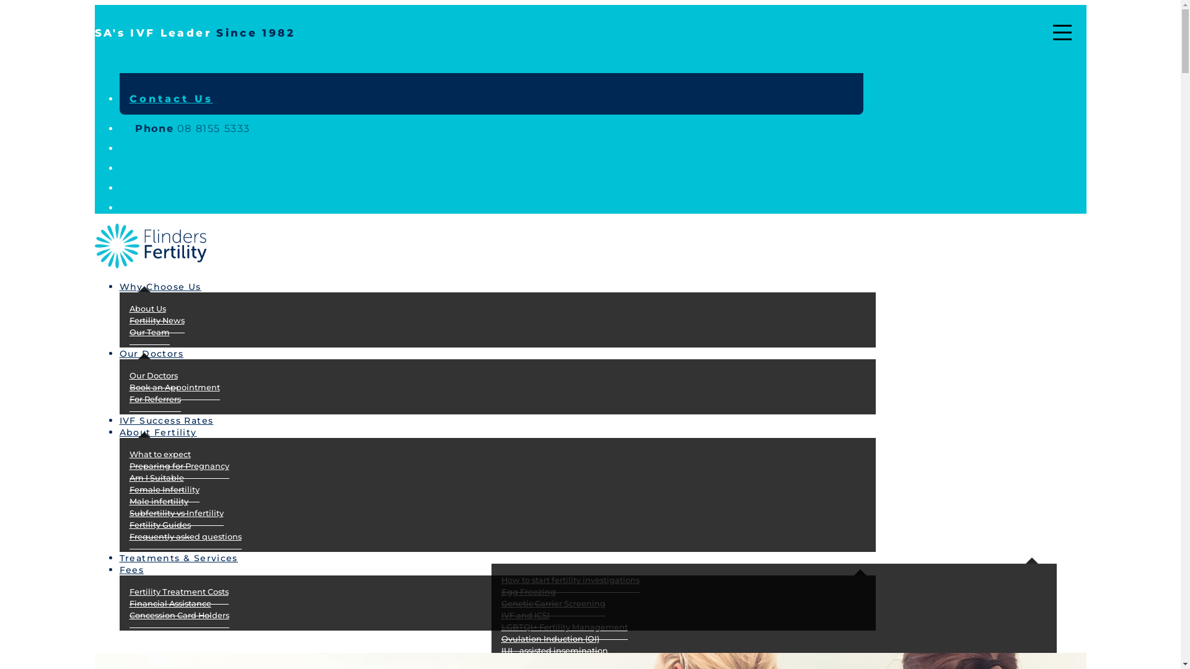  Describe the element at coordinates (119, 567) in the screenshot. I see `'Fees'` at that location.